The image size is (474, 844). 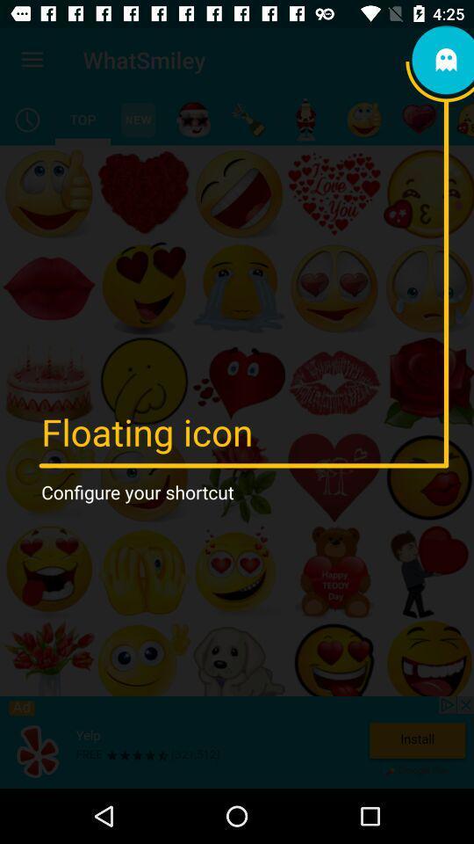 I want to click on happy face emojis, so click(x=363, y=119).